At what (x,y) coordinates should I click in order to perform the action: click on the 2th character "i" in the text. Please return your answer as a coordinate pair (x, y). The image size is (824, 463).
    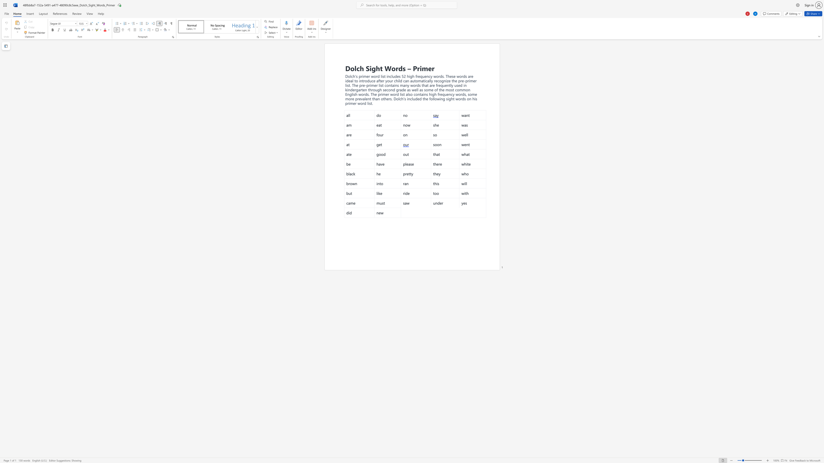
    Looking at the image, I should click on (440, 98).